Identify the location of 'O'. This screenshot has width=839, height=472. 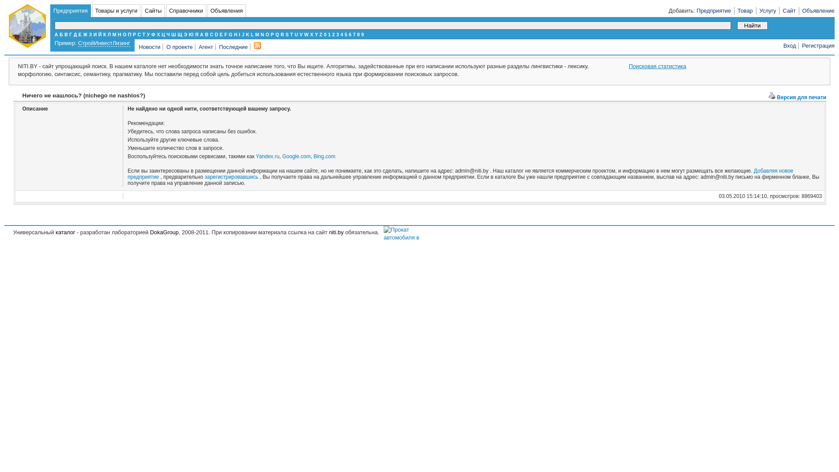
(267, 34).